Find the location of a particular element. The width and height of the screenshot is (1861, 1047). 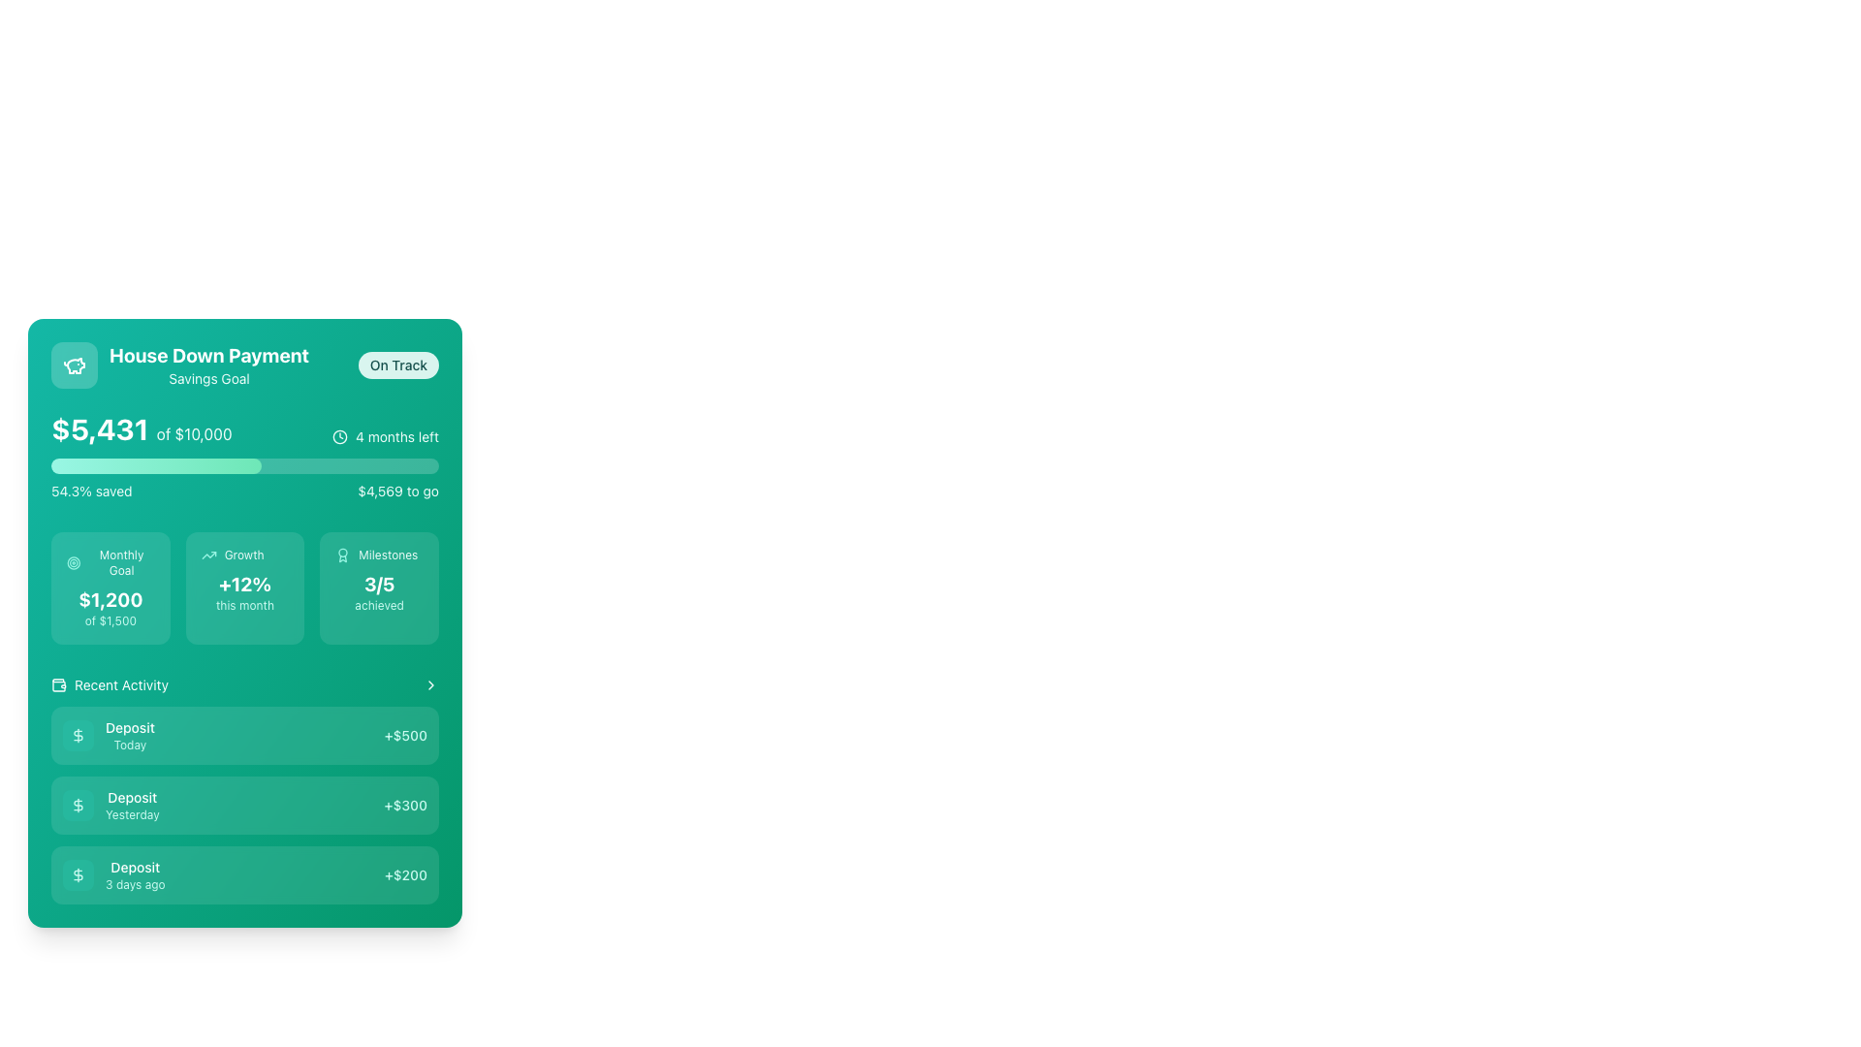

the circular icon consisting of three concentric teal rings located to the left of the 'Monthly Goal' text within the card is located at coordinates (74, 563).